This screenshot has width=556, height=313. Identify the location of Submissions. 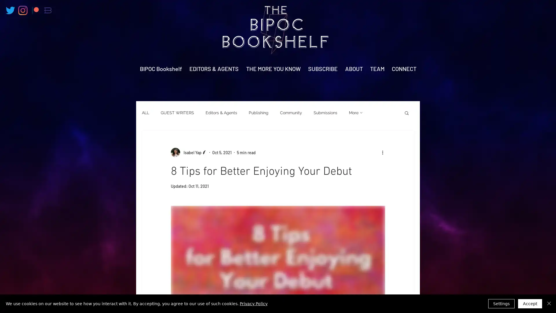
(325, 113).